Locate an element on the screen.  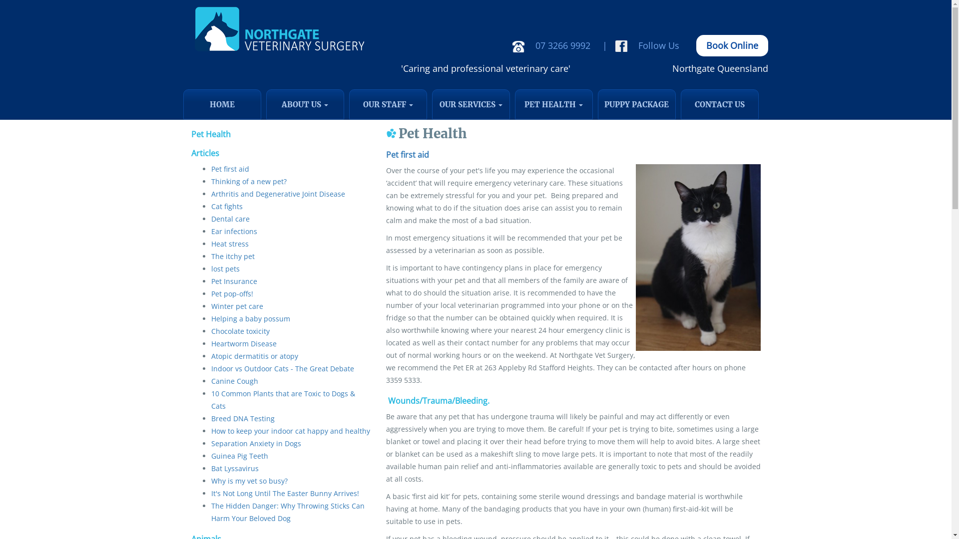
'Helping a baby possum' is located at coordinates (250, 318).